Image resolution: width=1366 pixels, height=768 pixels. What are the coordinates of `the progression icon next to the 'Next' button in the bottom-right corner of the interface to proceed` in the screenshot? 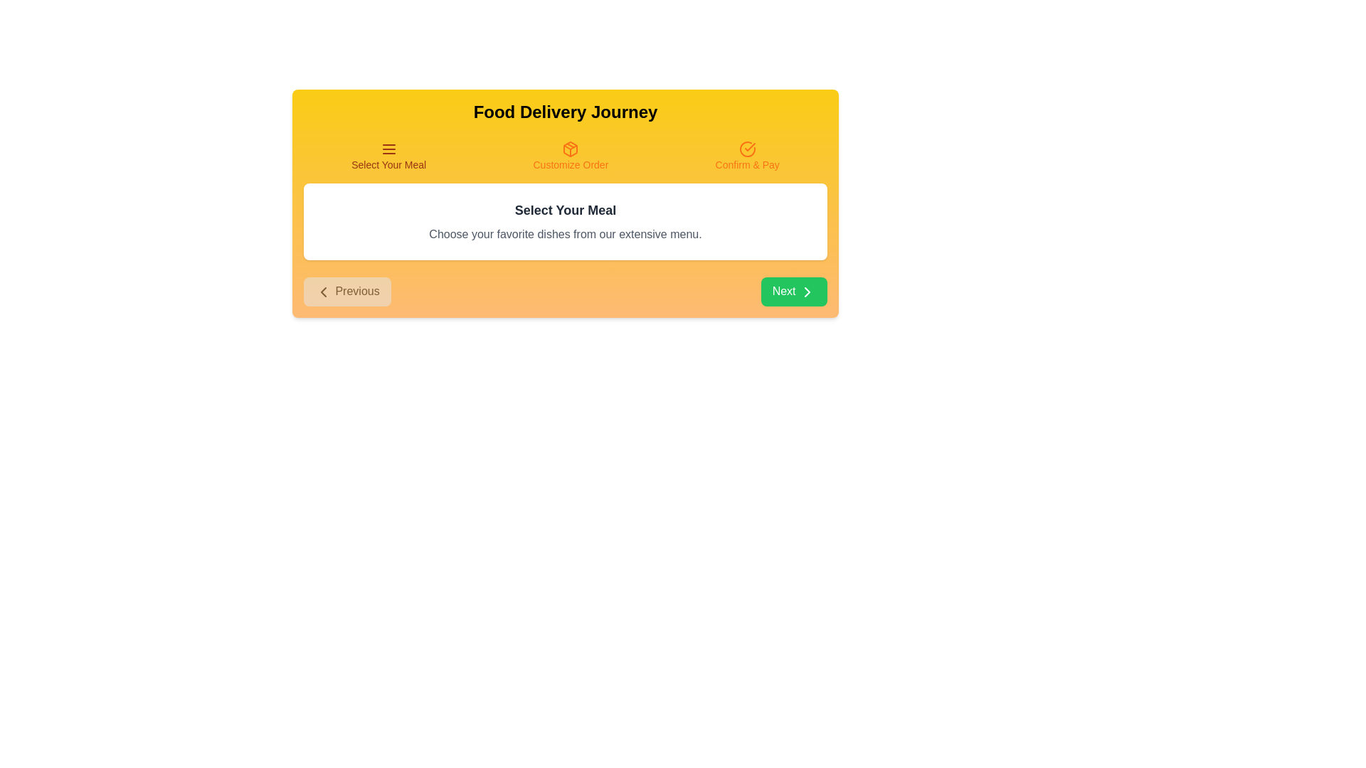 It's located at (807, 290).